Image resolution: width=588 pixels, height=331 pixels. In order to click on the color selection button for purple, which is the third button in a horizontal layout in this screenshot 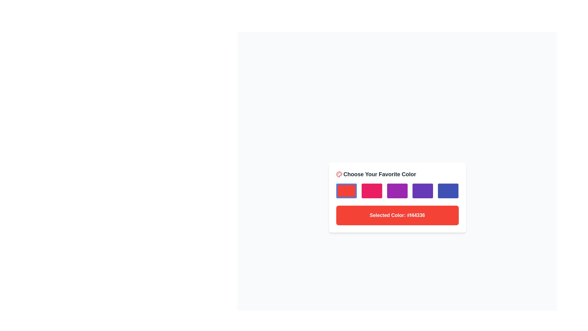, I will do `click(397, 191)`.